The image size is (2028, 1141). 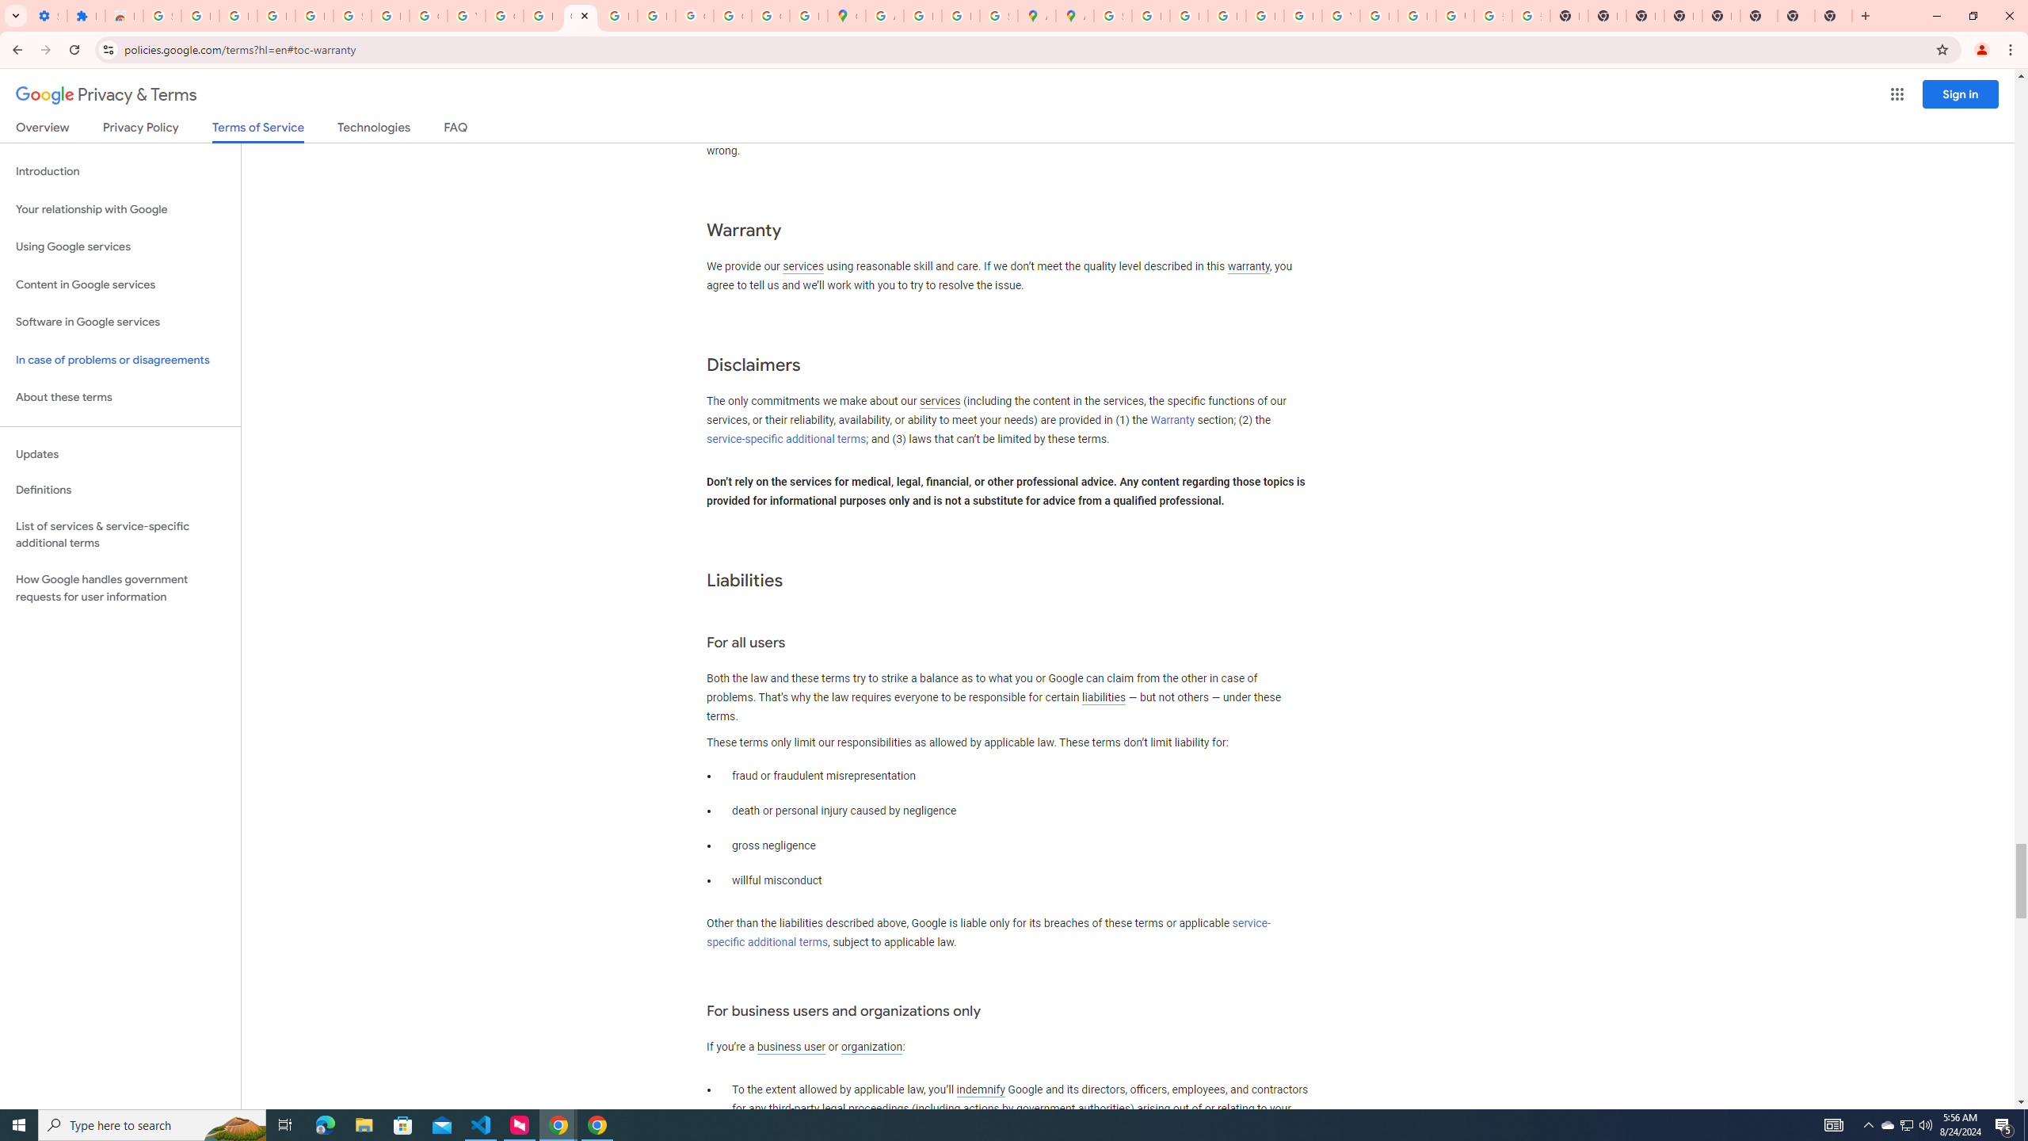 I want to click on 'Technologies', so click(x=374, y=130).